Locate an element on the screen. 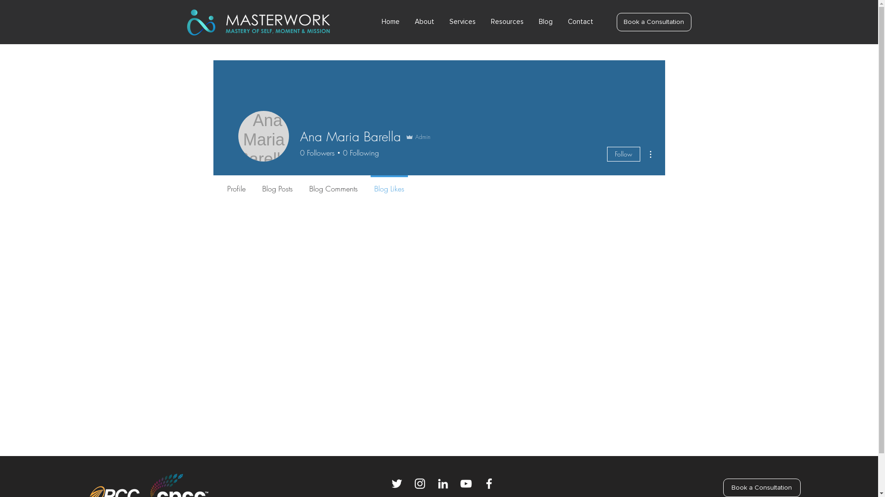 The height and width of the screenshot is (497, 885). 'Home' is located at coordinates (394, 21).